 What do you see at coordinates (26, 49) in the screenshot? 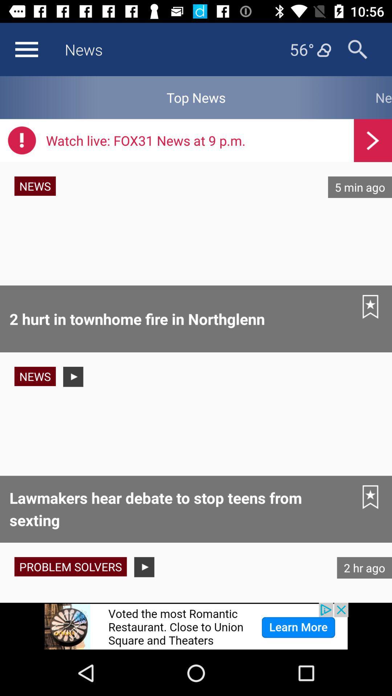
I see `the menu icon` at bounding box center [26, 49].